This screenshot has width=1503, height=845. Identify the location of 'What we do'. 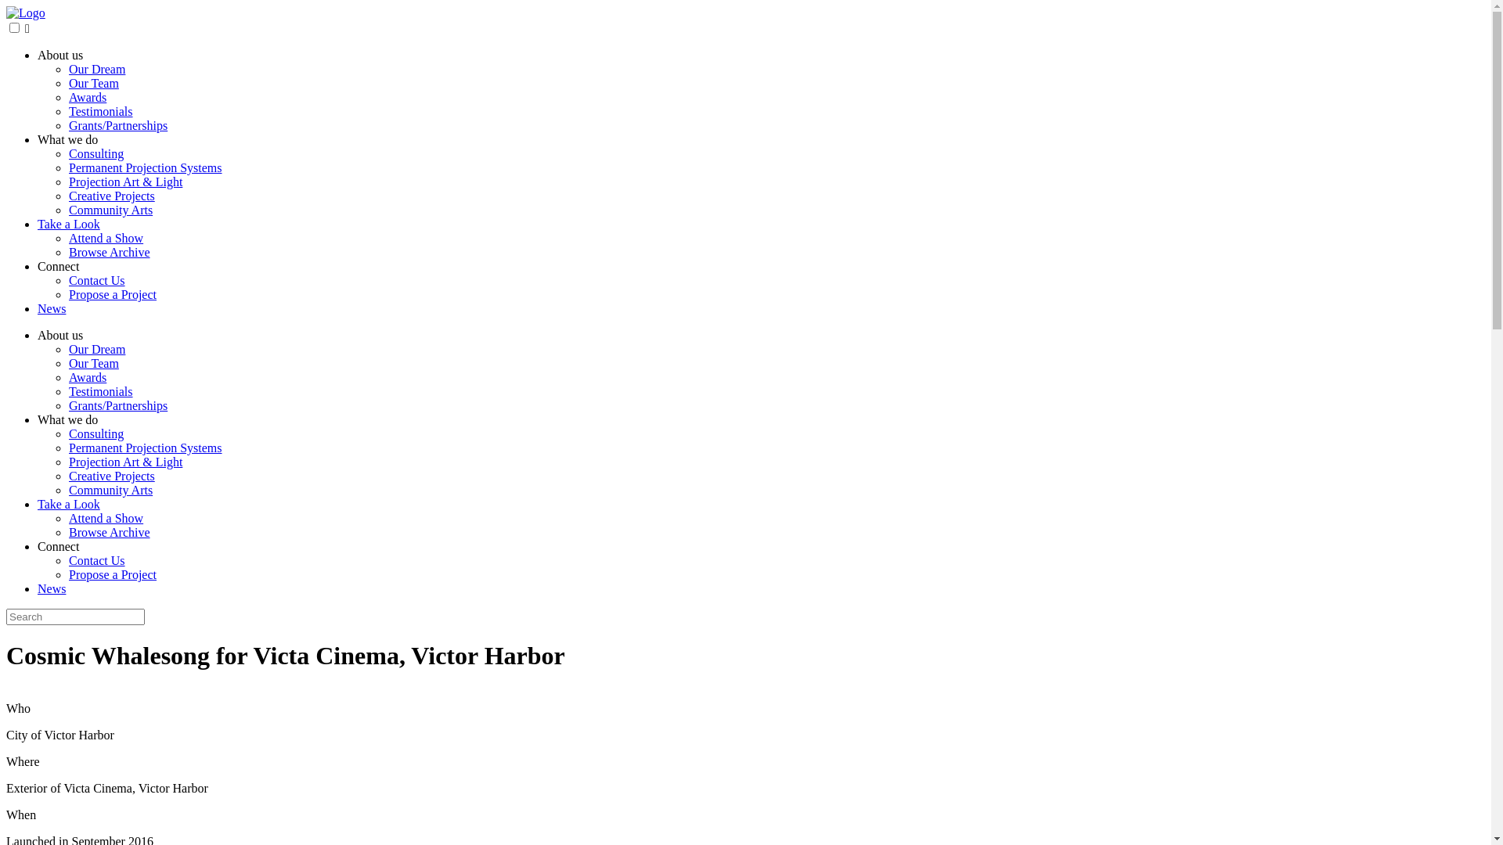
(67, 138).